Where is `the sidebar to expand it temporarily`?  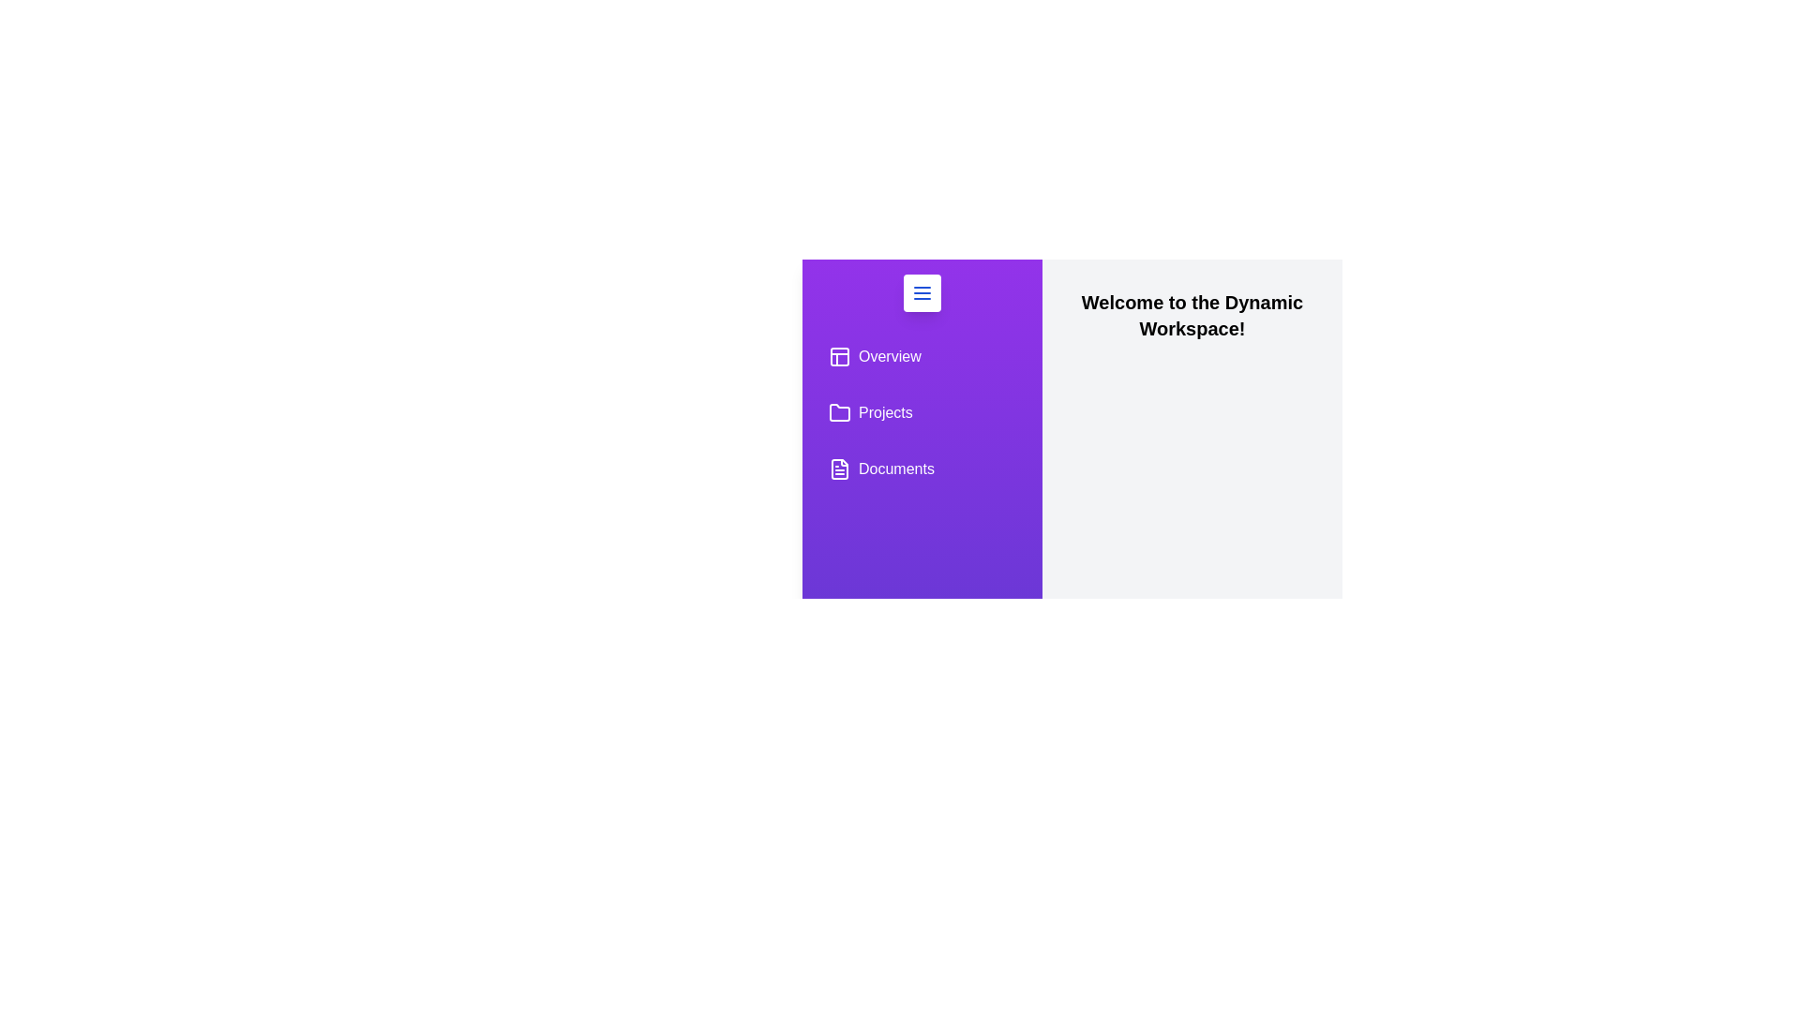
the sidebar to expand it temporarily is located at coordinates (843, 375).